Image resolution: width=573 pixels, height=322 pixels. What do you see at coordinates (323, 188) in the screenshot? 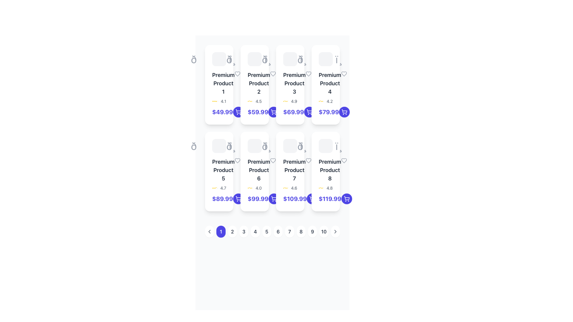
I see `the fifth star icon in the rating section for the product labeled 'Premium Product 8', which is currently in an inactive state and appears gray with an outlined style` at bounding box center [323, 188].